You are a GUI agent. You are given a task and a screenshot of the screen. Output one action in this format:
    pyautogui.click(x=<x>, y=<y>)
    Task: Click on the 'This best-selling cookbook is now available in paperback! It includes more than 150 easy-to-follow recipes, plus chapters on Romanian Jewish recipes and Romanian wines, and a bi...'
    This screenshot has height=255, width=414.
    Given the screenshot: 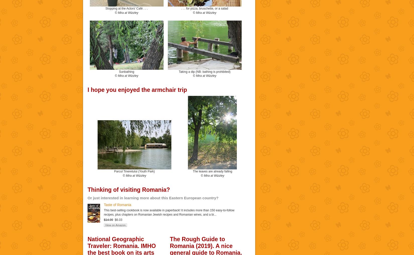 What is the action you would take?
    pyautogui.click(x=169, y=212)
    